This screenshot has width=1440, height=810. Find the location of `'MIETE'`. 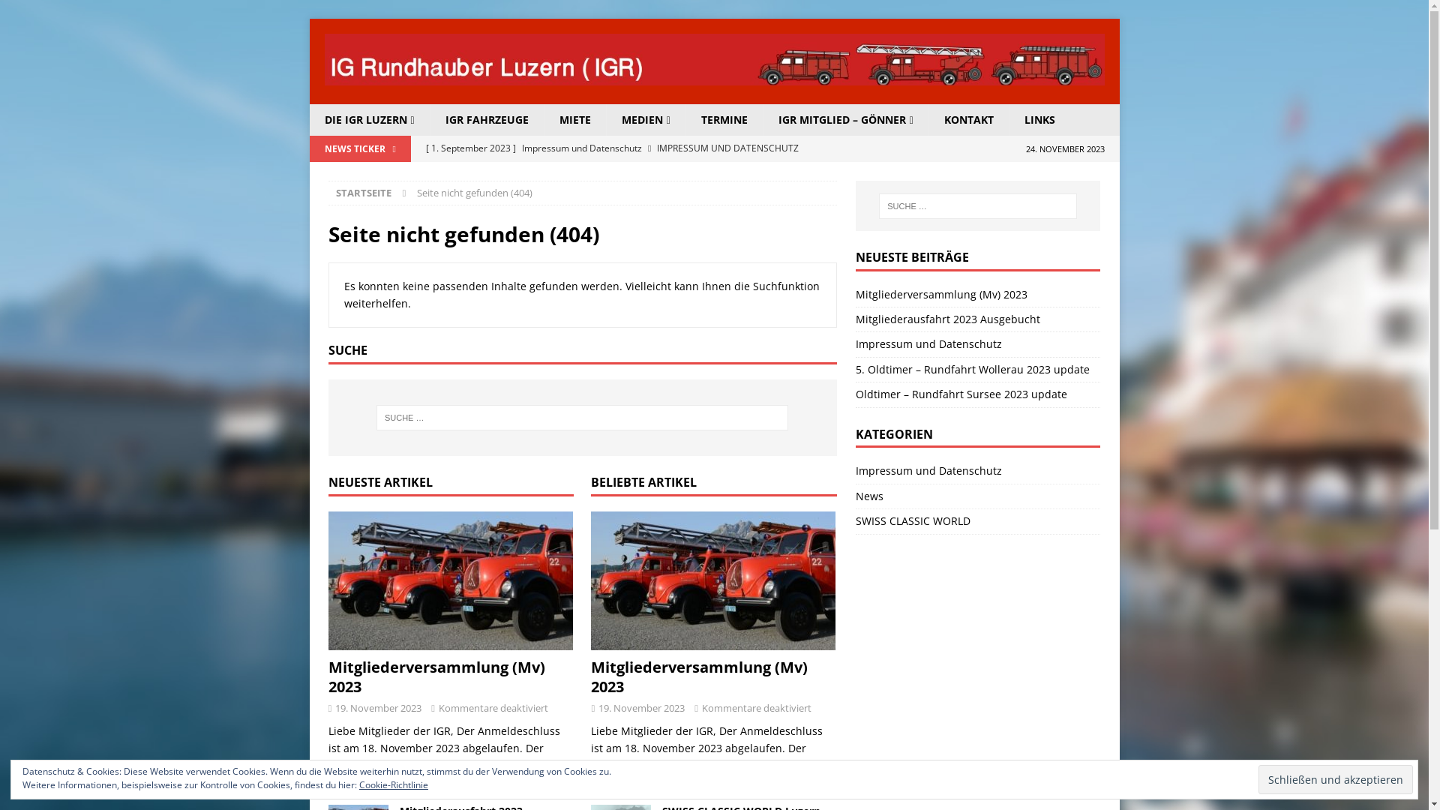

'MIETE' is located at coordinates (574, 118).